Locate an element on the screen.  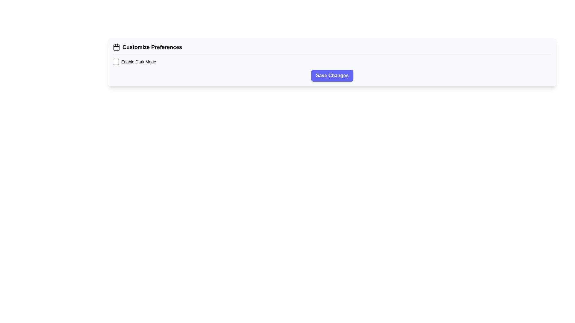
the 'Enable Dark Mode' text label, which is styled with a medium font weight and small size, located to the right of a checkbox input is located at coordinates (138, 62).